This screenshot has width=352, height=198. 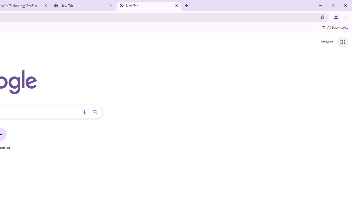 I want to click on 'All Bookmarks', so click(x=334, y=27).